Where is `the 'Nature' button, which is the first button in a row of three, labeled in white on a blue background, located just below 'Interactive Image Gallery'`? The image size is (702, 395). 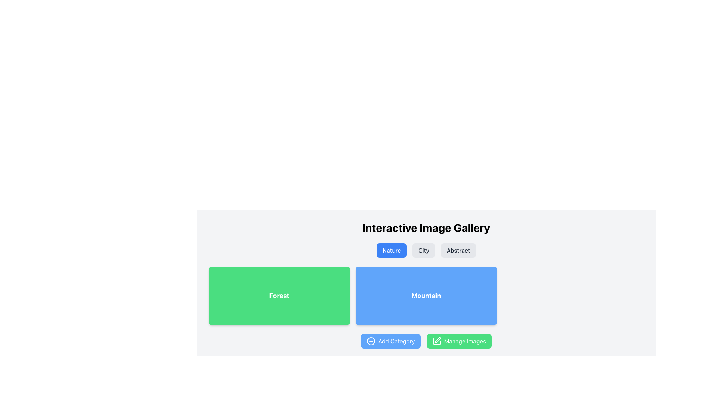 the 'Nature' button, which is the first button in a row of three, labeled in white on a blue background, located just below 'Interactive Image Gallery' is located at coordinates (391, 250).